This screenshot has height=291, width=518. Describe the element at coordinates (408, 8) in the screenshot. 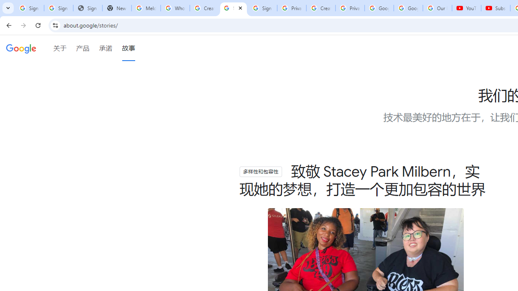

I see `'Google Account'` at that location.